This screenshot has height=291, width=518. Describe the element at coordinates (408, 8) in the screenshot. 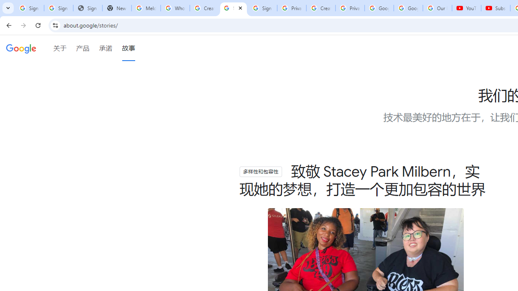

I see `'Google Account'` at that location.